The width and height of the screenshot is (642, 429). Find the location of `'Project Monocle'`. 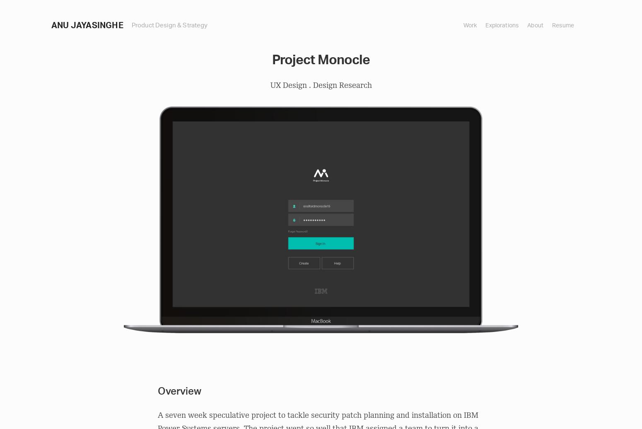

'Project Monocle' is located at coordinates (272, 60).